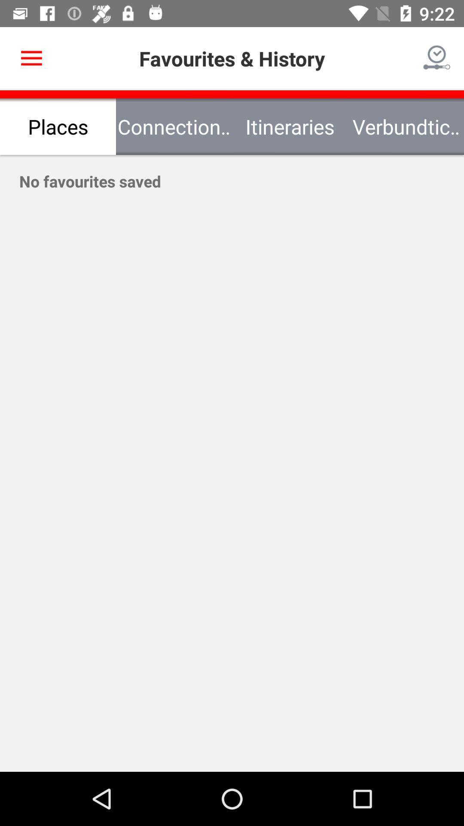  I want to click on the icon to the left of the connection requests item, so click(58, 126).